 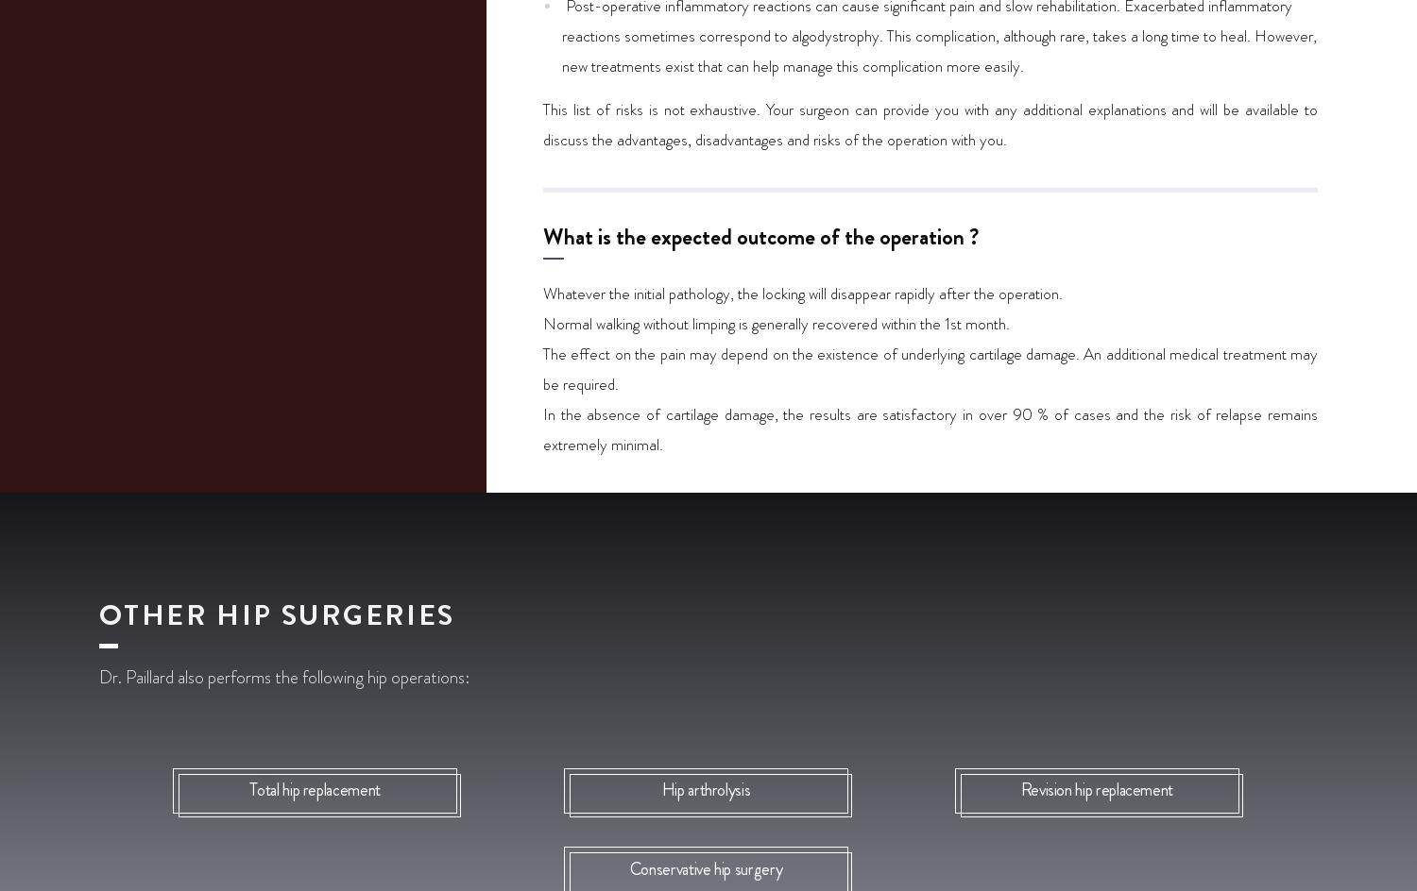 I want to click on 'The effect on the pain may depend on the existence of underlying cartilage damage. An additional medical treatment may be required.', so click(x=930, y=367).